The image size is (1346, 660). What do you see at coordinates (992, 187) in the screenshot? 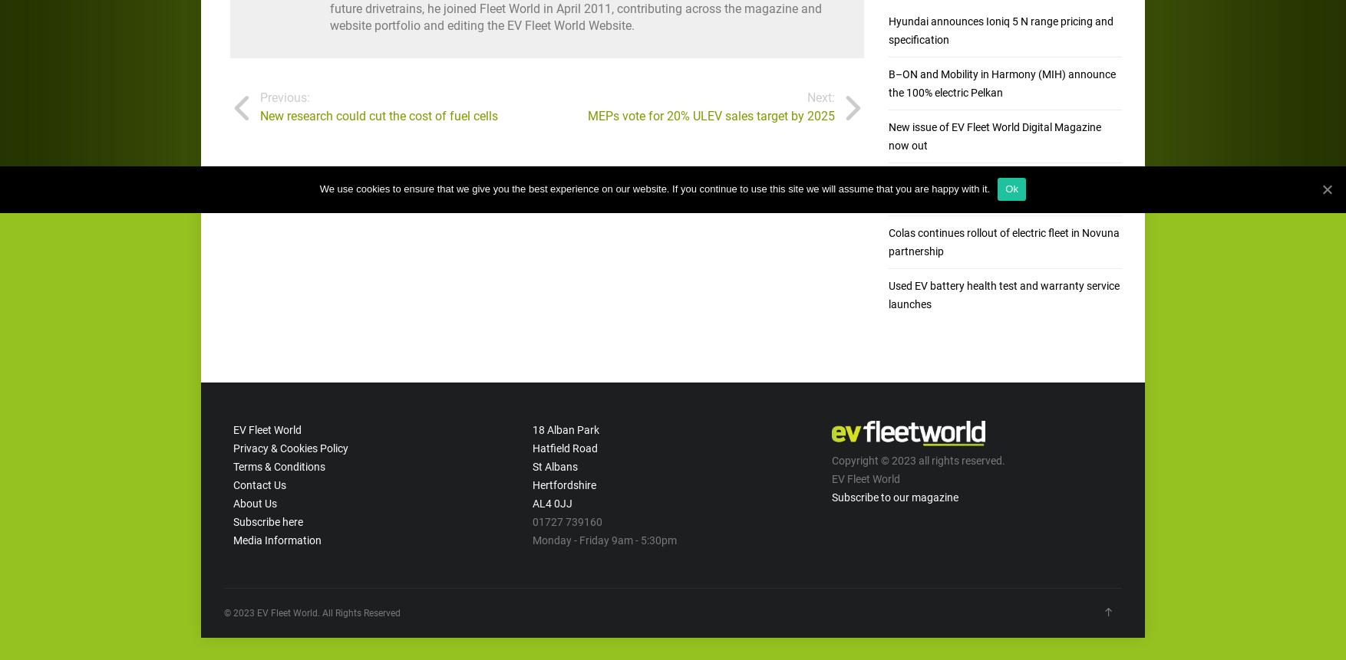
I see `'Jaguar Land Rover gears up Slovakian Nitra plant for EV production'` at bounding box center [992, 187].